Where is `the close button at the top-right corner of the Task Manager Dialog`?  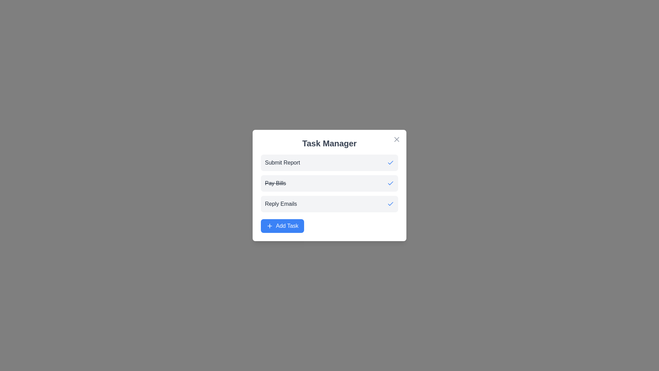
the close button at the top-right corner of the Task Manager Dialog is located at coordinates (397, 139).